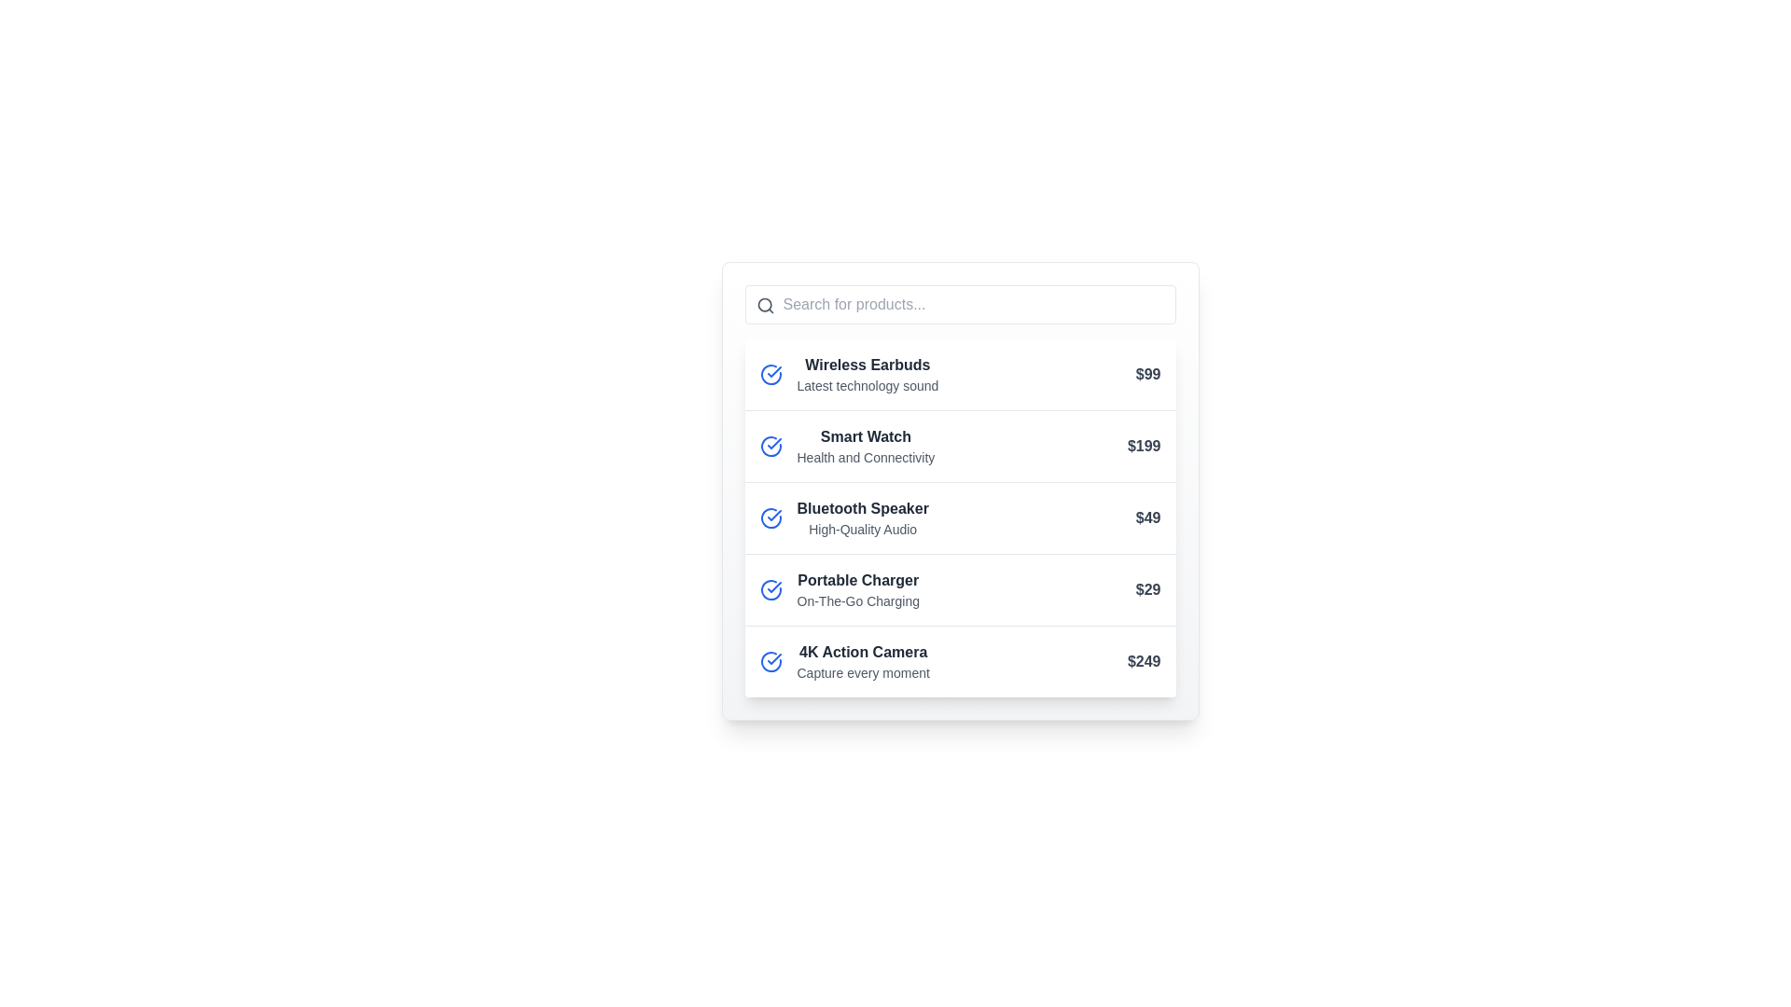 The image size is (1791, 1007). What do you see at coordinates (1147, 374) in the screenshot?
I see `the price label for the 'Wireless Earbuds' which is located at the far-right side of the first list item, aligned with the title and description` at bounding box center [1147, 374].